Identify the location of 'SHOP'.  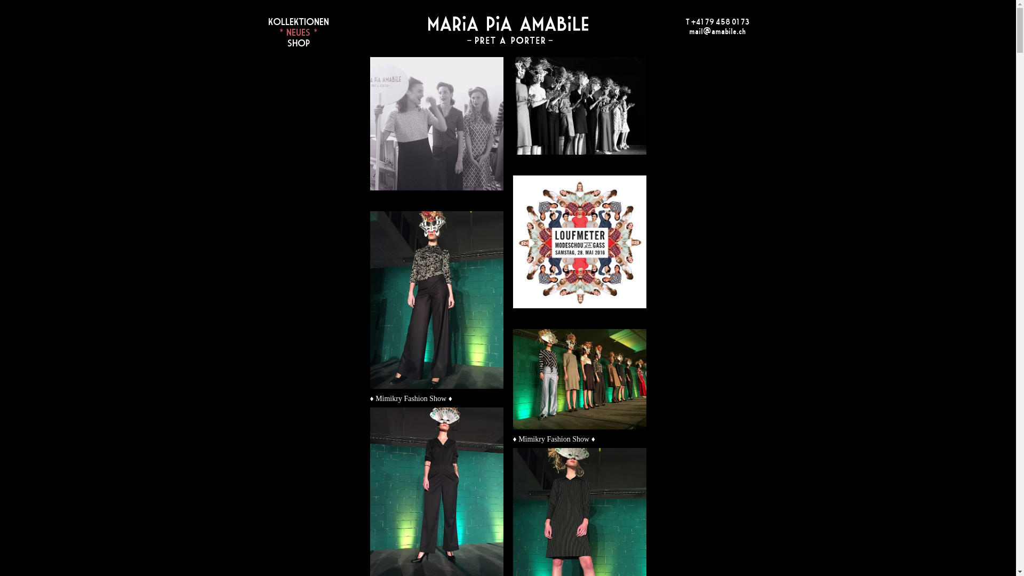
(298, 43).